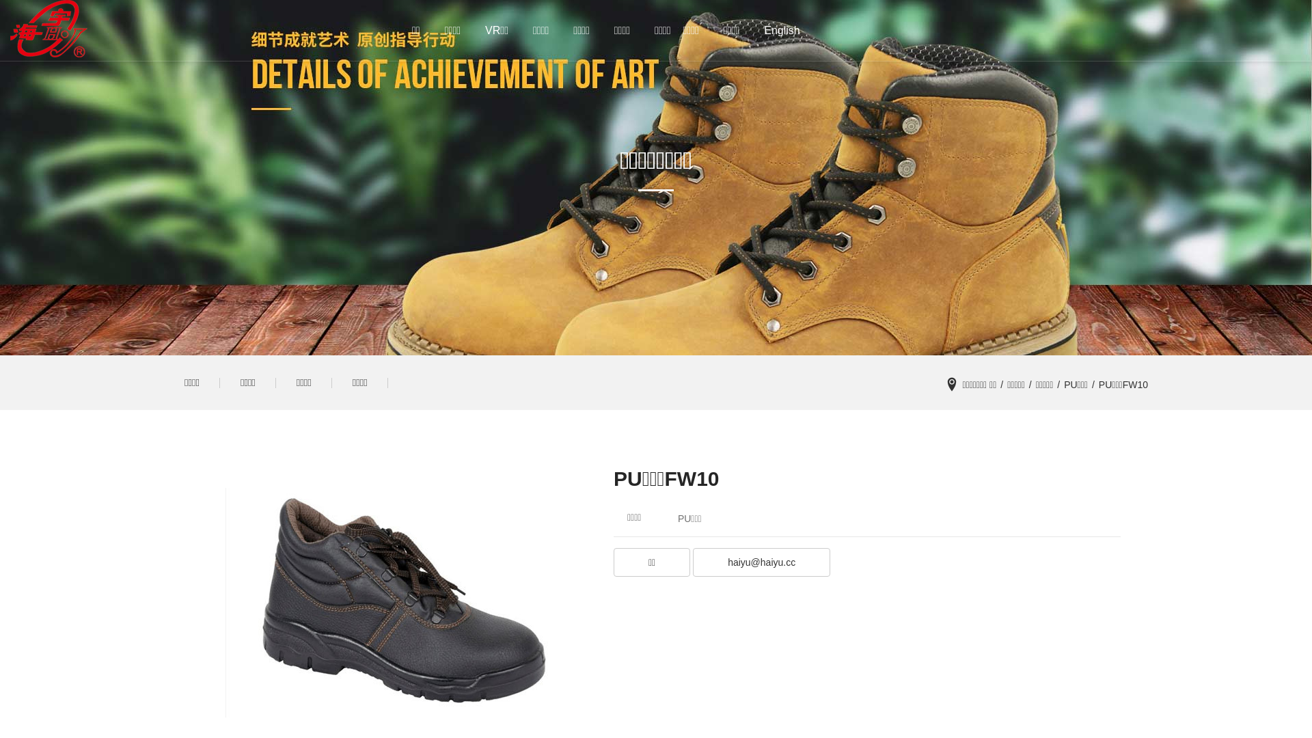  Describe the element at coordinates (761, 564) in the screenshot. I see `'haiyu@haiyu.cc'` at that location.